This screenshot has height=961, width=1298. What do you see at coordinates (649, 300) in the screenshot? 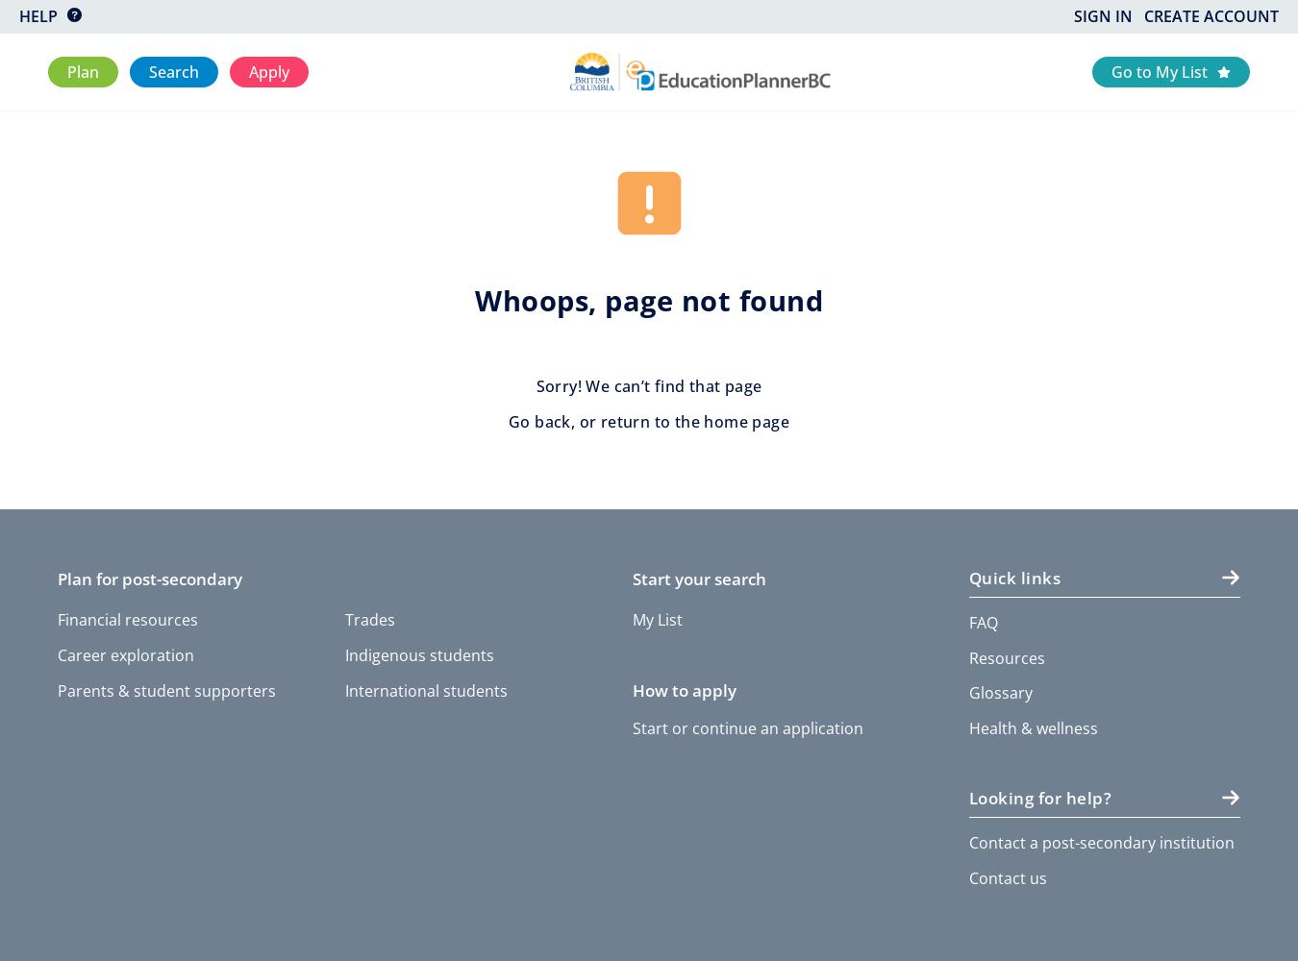
I see `'Whoops, page not found'` at bounding box center [649, 300].